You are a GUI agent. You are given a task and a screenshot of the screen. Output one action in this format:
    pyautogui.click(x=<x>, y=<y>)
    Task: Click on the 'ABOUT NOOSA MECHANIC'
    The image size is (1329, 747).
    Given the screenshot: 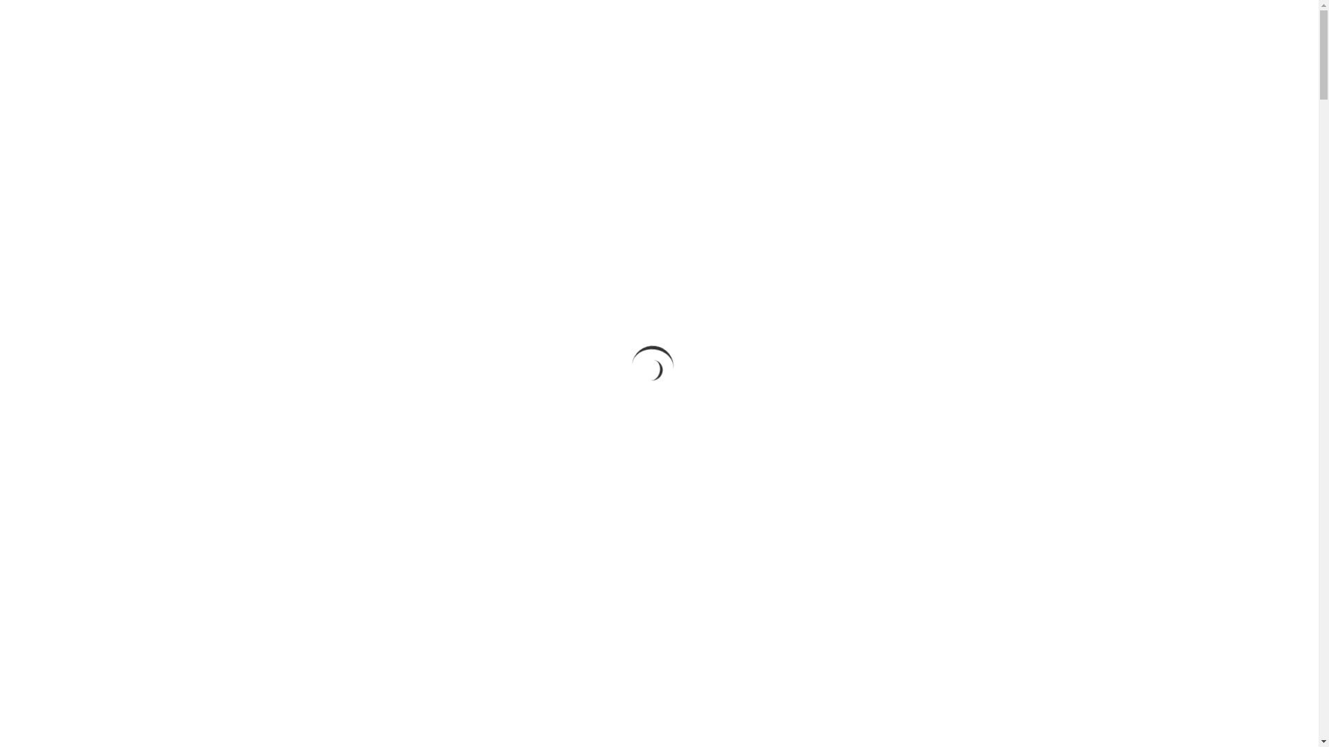 What is the action you would take?
    pyautogui.click(x=600, y=26)
    